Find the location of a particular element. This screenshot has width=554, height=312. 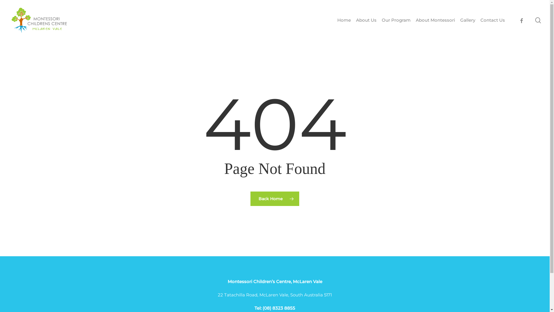

'Home' is located at coordinates (344, 20).